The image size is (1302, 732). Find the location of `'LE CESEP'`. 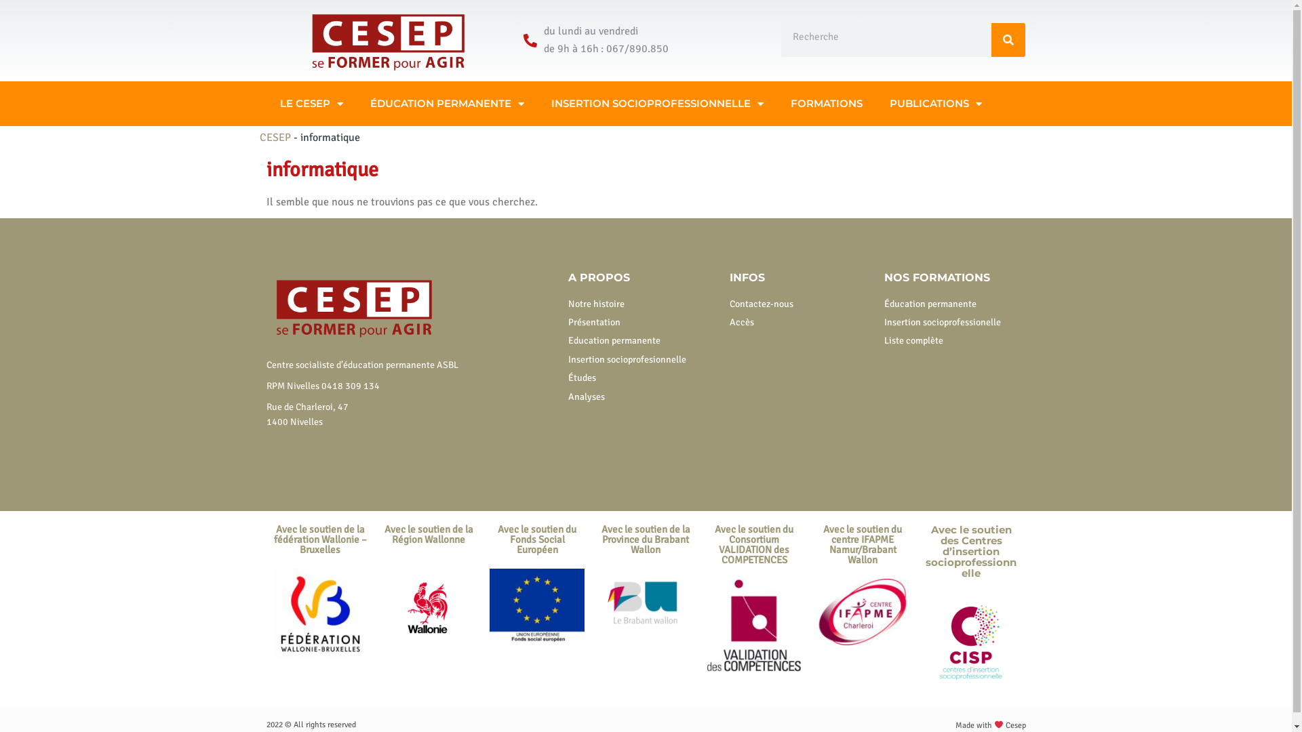

'LE CESEP' is located at coordinates (310, 103).